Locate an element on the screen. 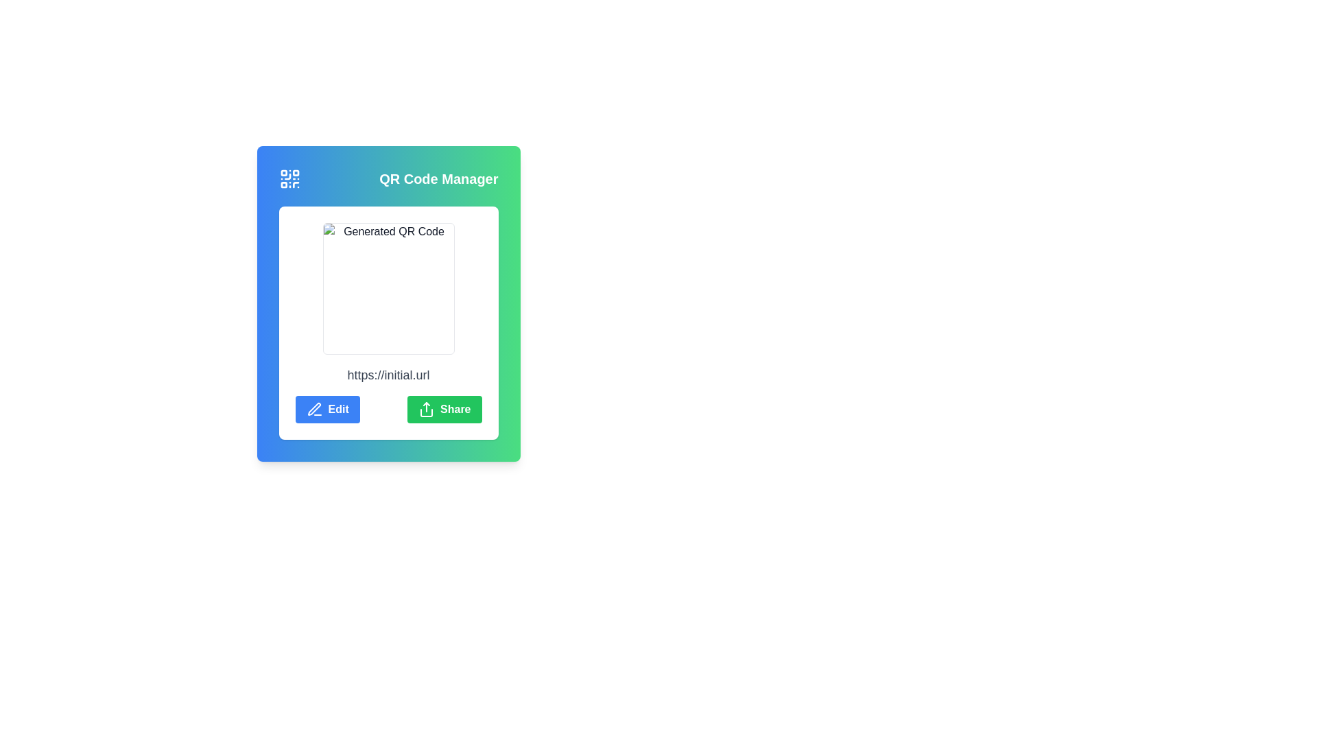  the blue 'Edit' button that contains the pen icon, which is positioned to the left of the 'Edit' text is located at coordinates (313, 409).